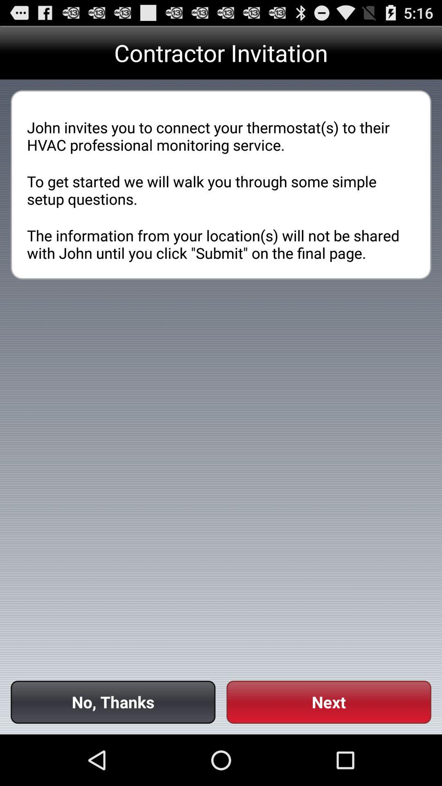 The height and width of the screenshot is (786, 442). I want to click on icon below the the information from app, so click(328, 702).